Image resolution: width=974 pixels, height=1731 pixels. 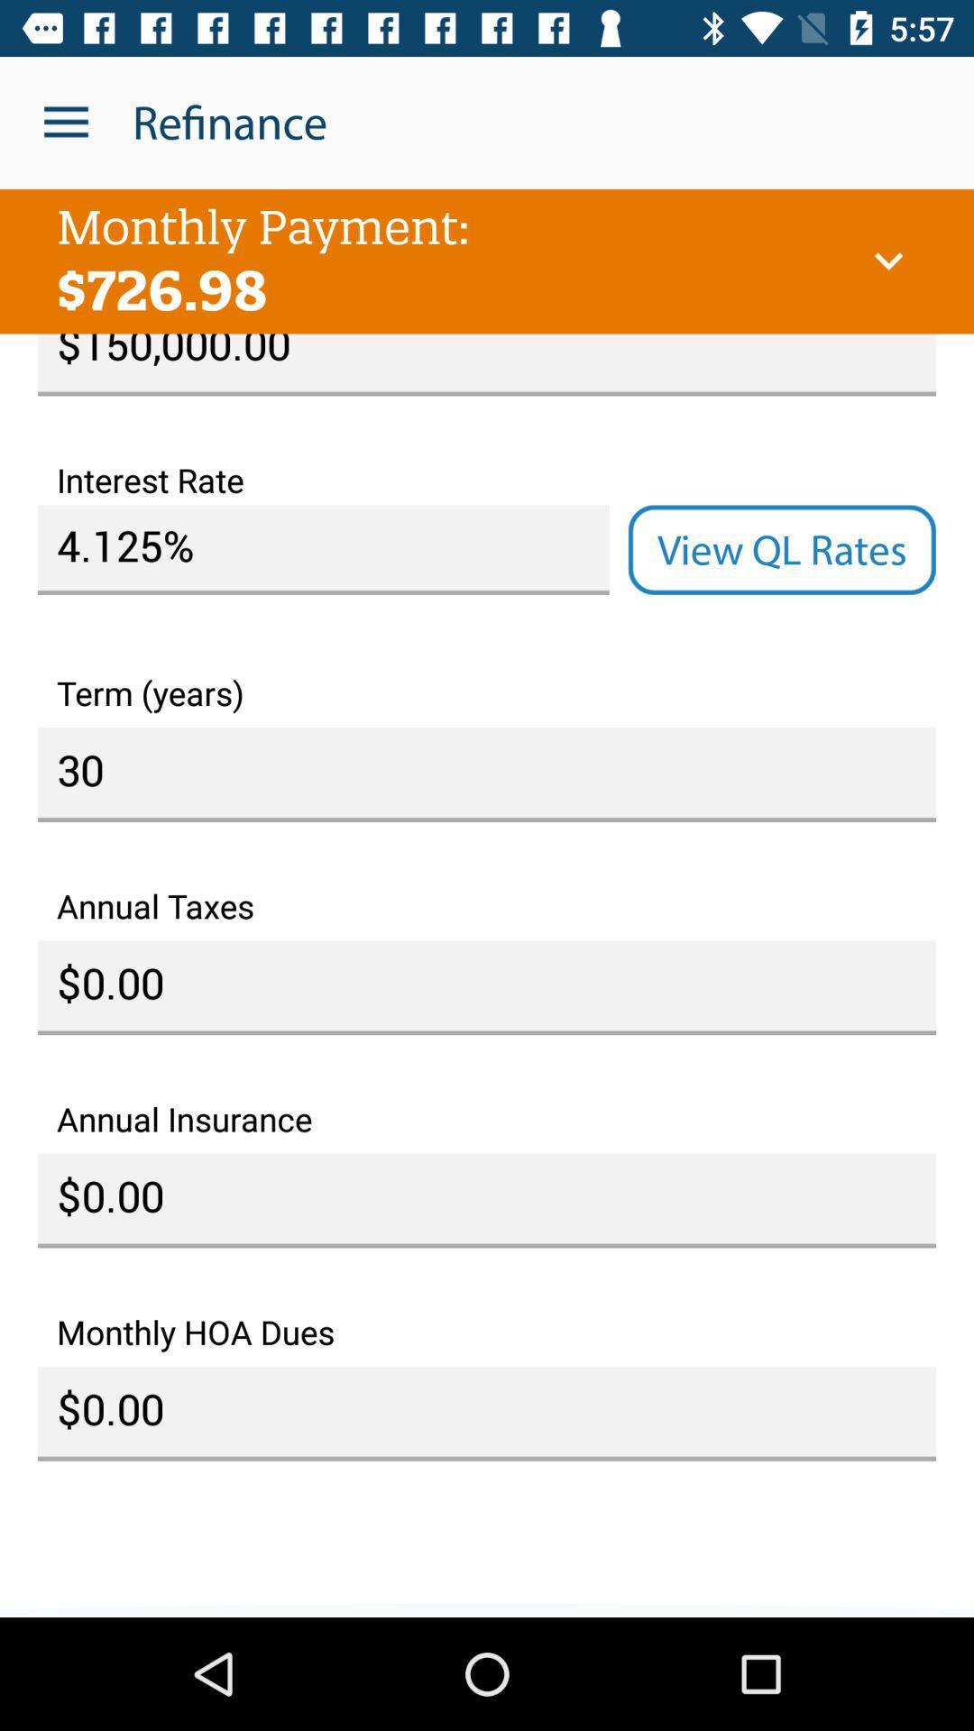 I want to click on 30 icon, so click(x=487, y=774).